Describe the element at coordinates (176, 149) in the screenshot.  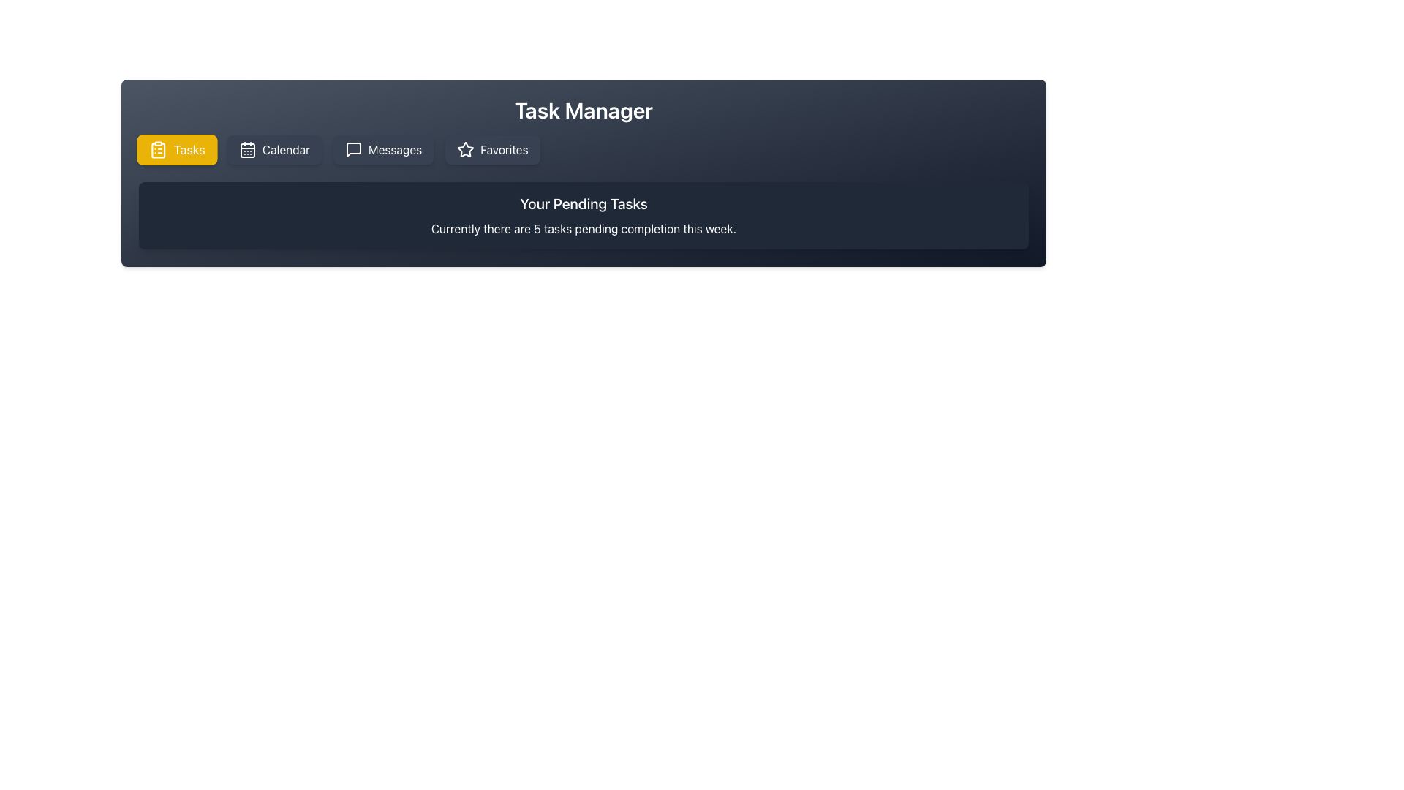
I see `the bright yellow 'Tasks' button with a clipboard icon` at that location.